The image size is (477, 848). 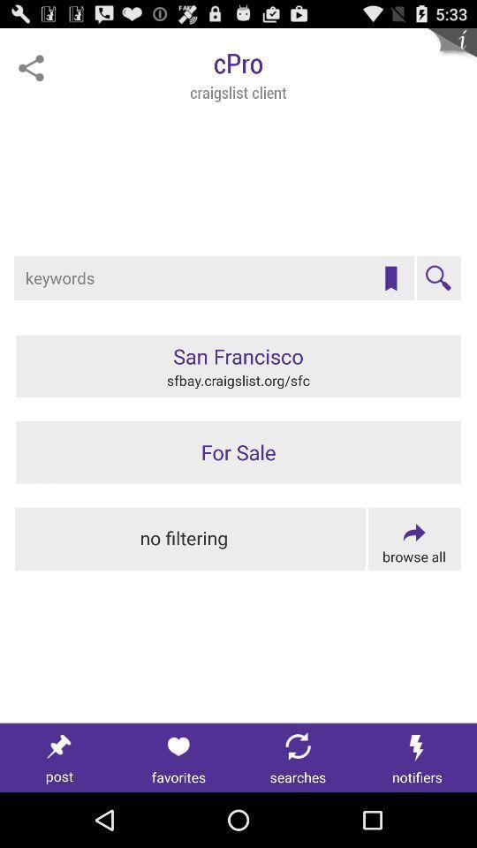 What do you see at coordinates (451, 51) in the screenshot?
I see `more info` at bounding box center [451, 51].